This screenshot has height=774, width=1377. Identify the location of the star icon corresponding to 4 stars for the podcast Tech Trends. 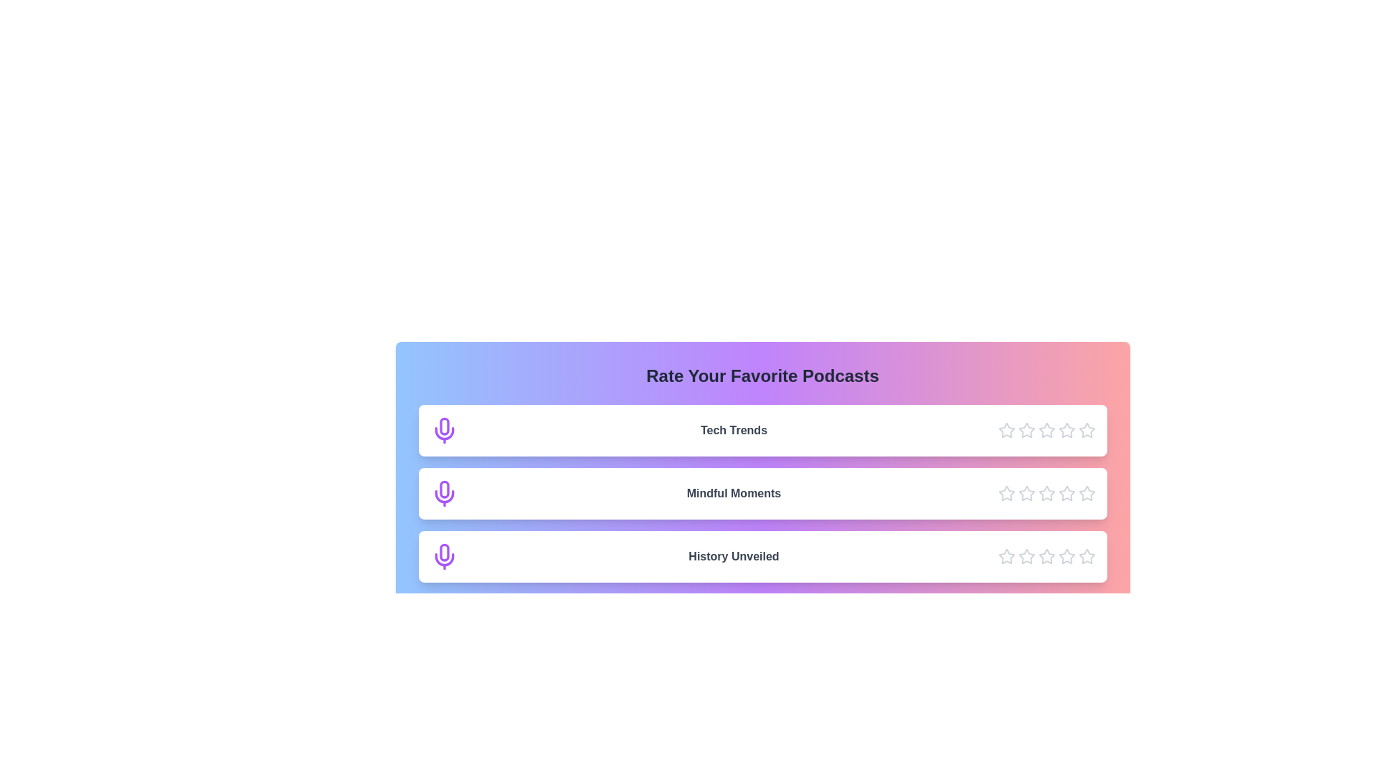
(1066, 430).